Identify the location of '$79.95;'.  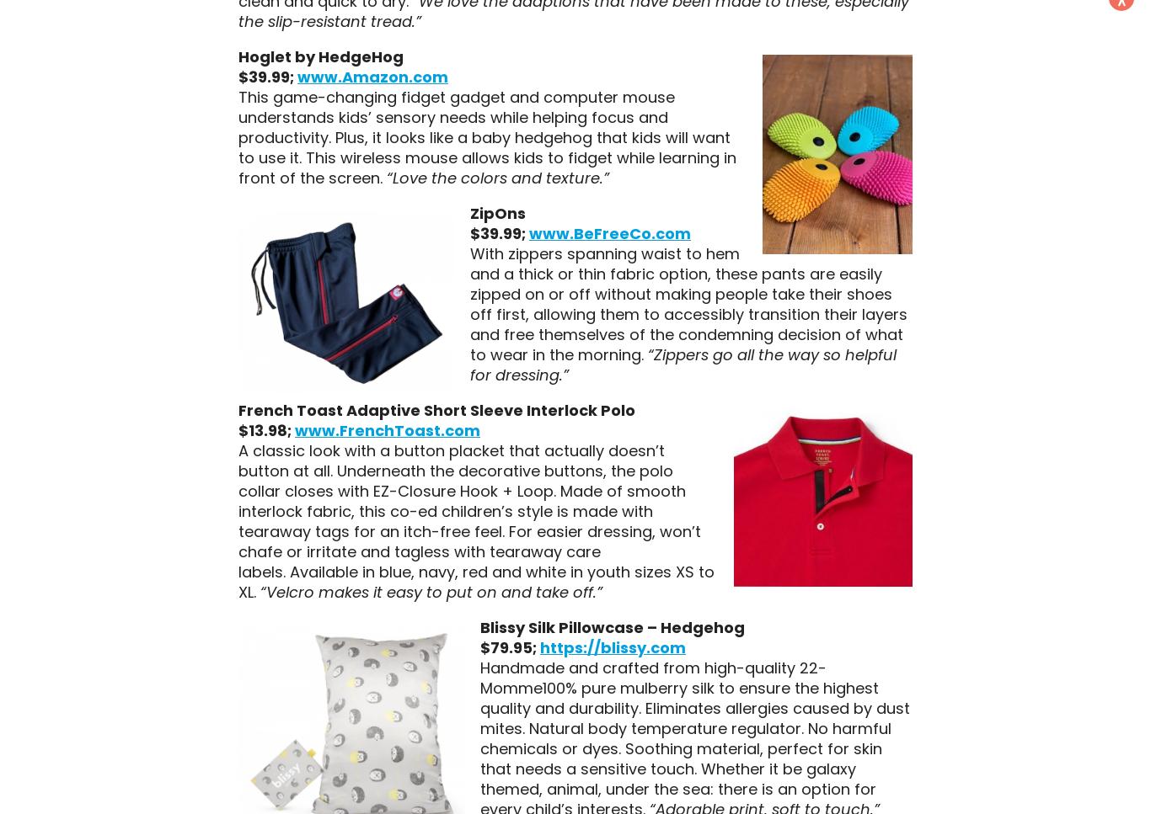
(508, 646).